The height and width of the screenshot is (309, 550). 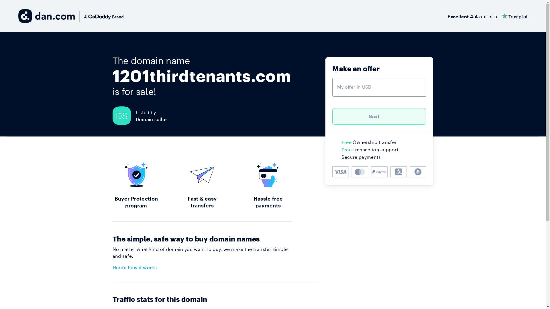 I want to click on 'DS', so click(x=123, y=116).